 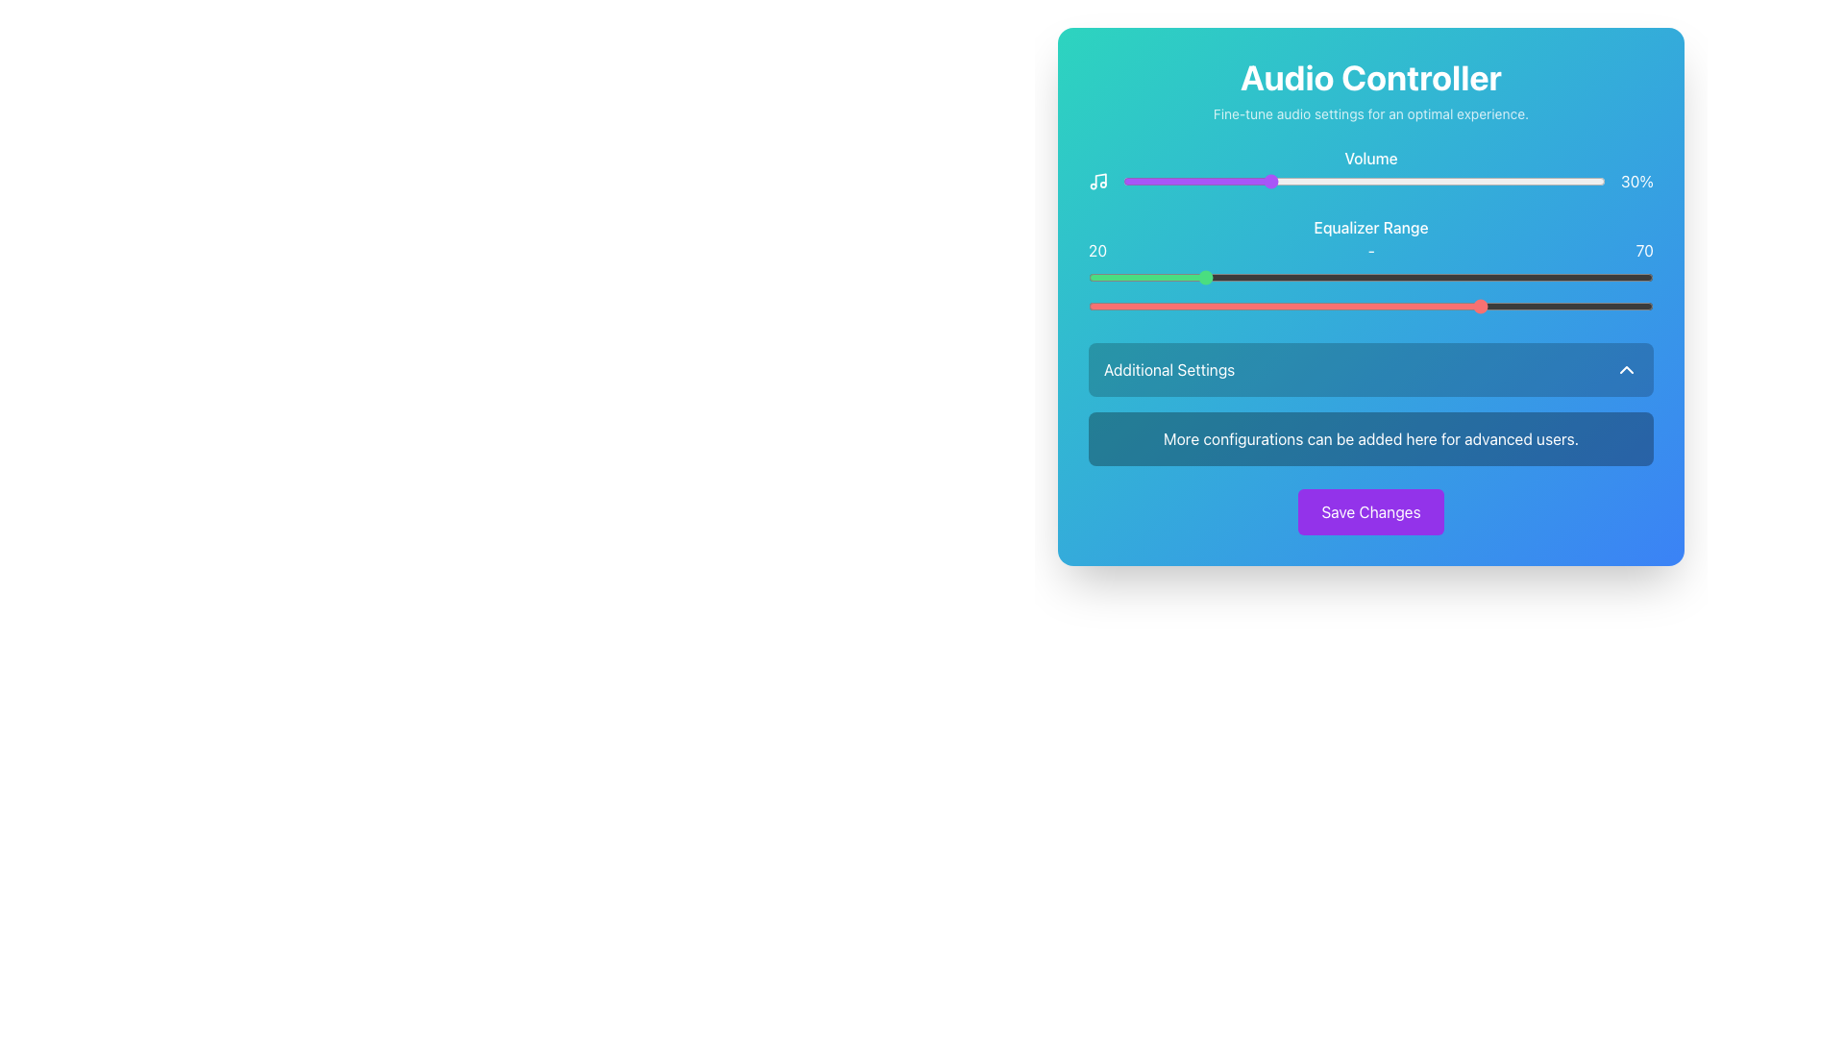 I want to click on the static text displaying 'Fine-tune audio settings for an optimal experience.' which is positioned directly below the title 'Audio Controller', so click(x=1369, y=114).